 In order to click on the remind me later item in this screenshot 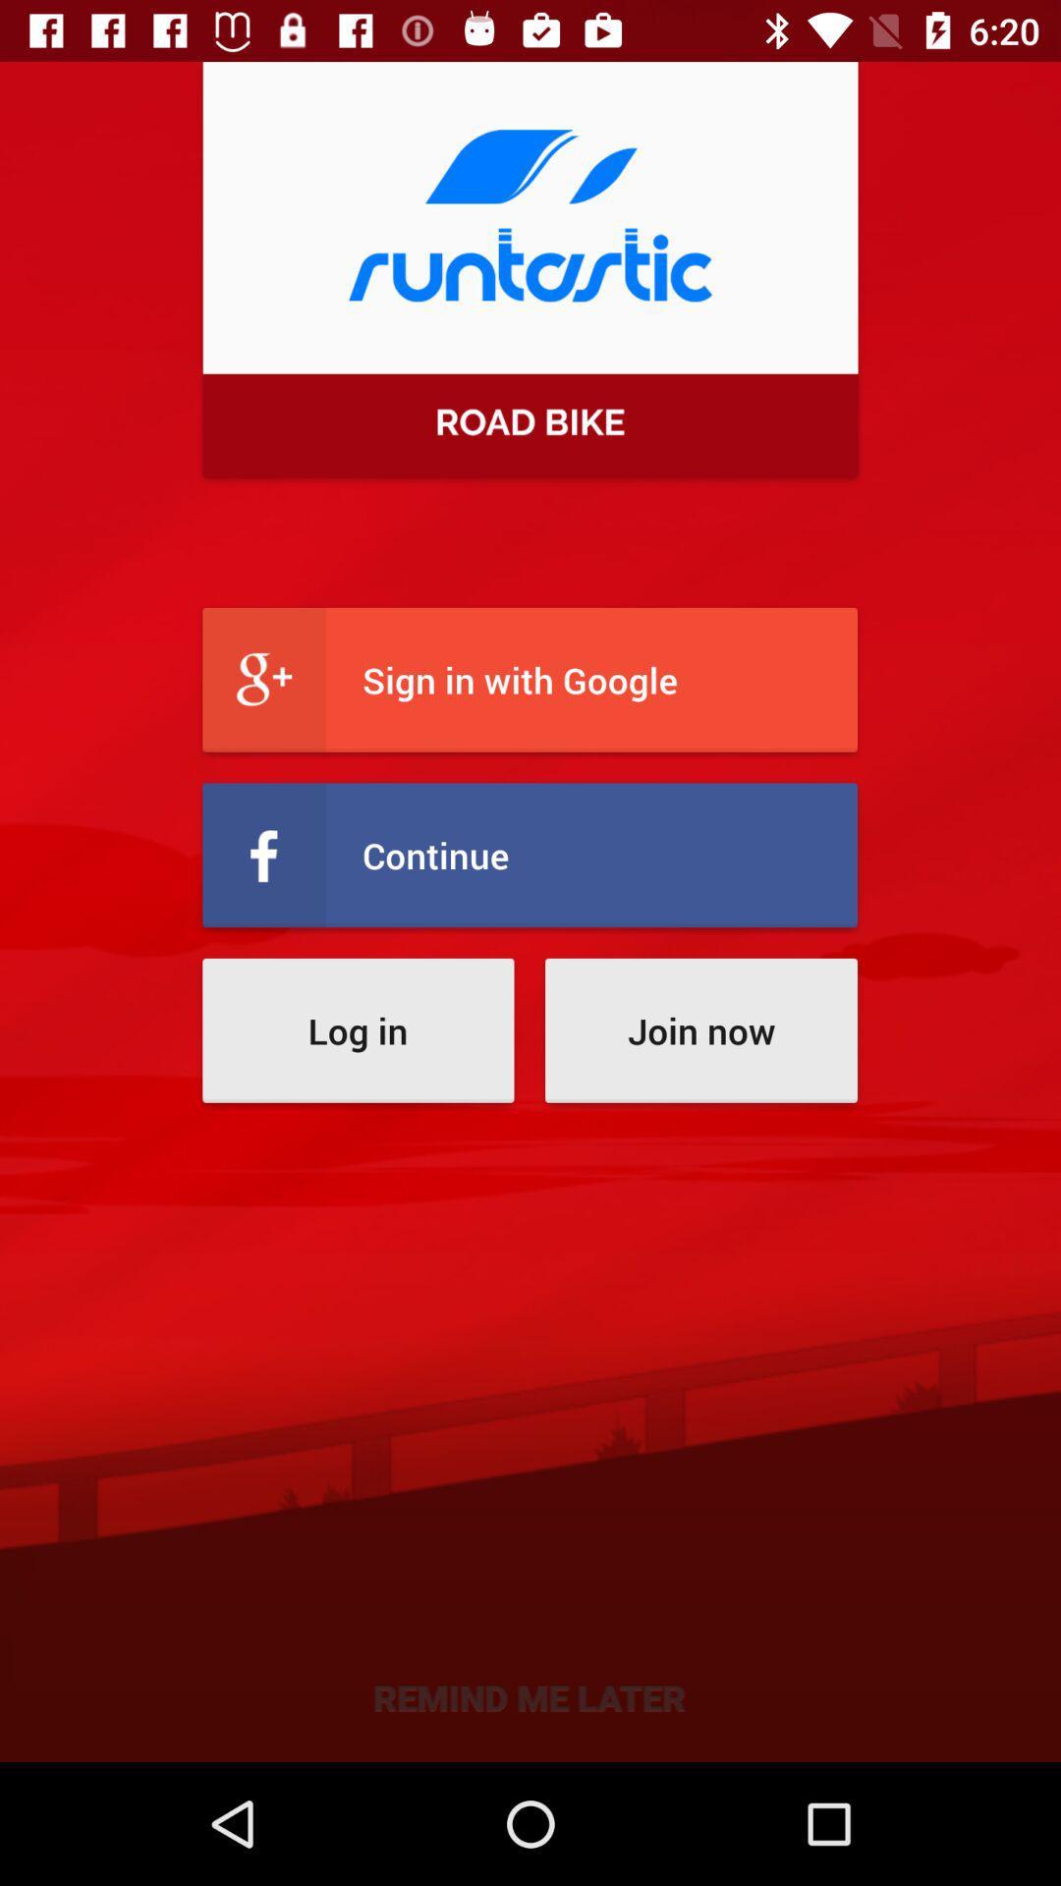, I will do `click(529, 1695)`.